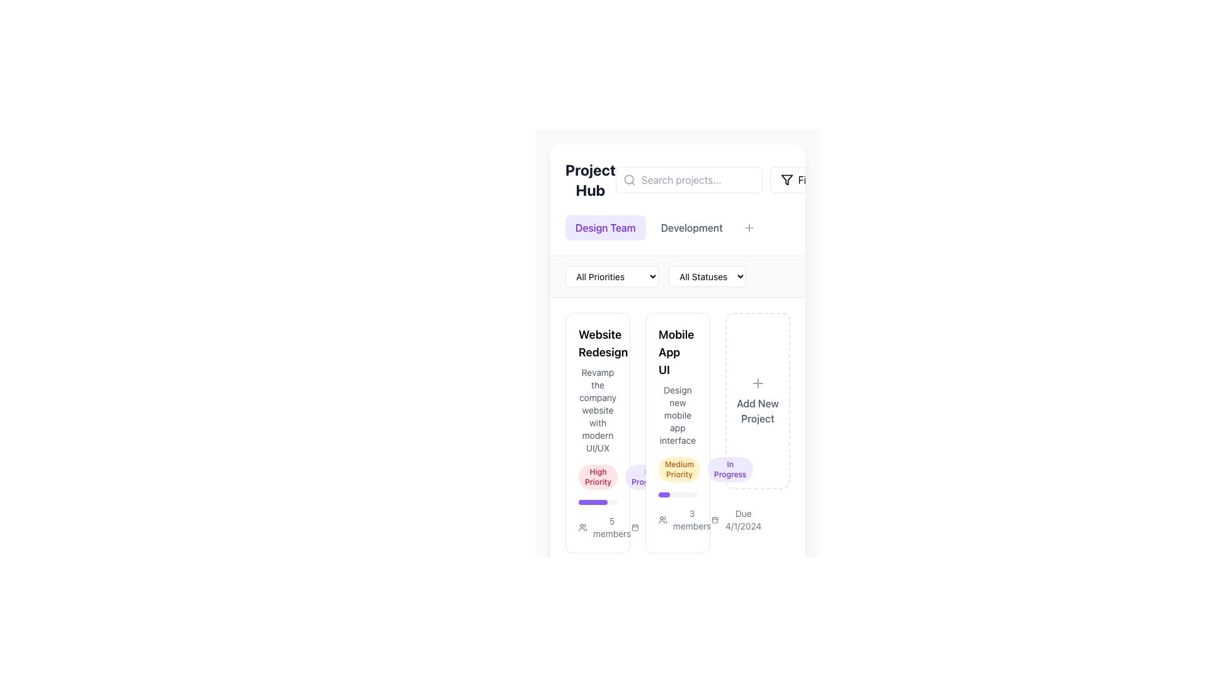 Image resolution: width=1209 pixels, height=680 pixels. Describe the element at coordinates (679, 469) in the screenshot. I see `the 'Medium Priority' badge element, which is a pill-shaped badge with a light amber background, located within the card labeled 'Mobile App UI'` at that location.